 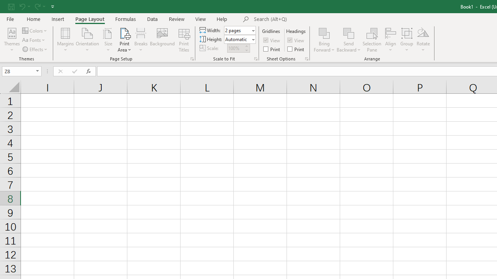 I want to click on 'Effects', so click(x=35, y=49).